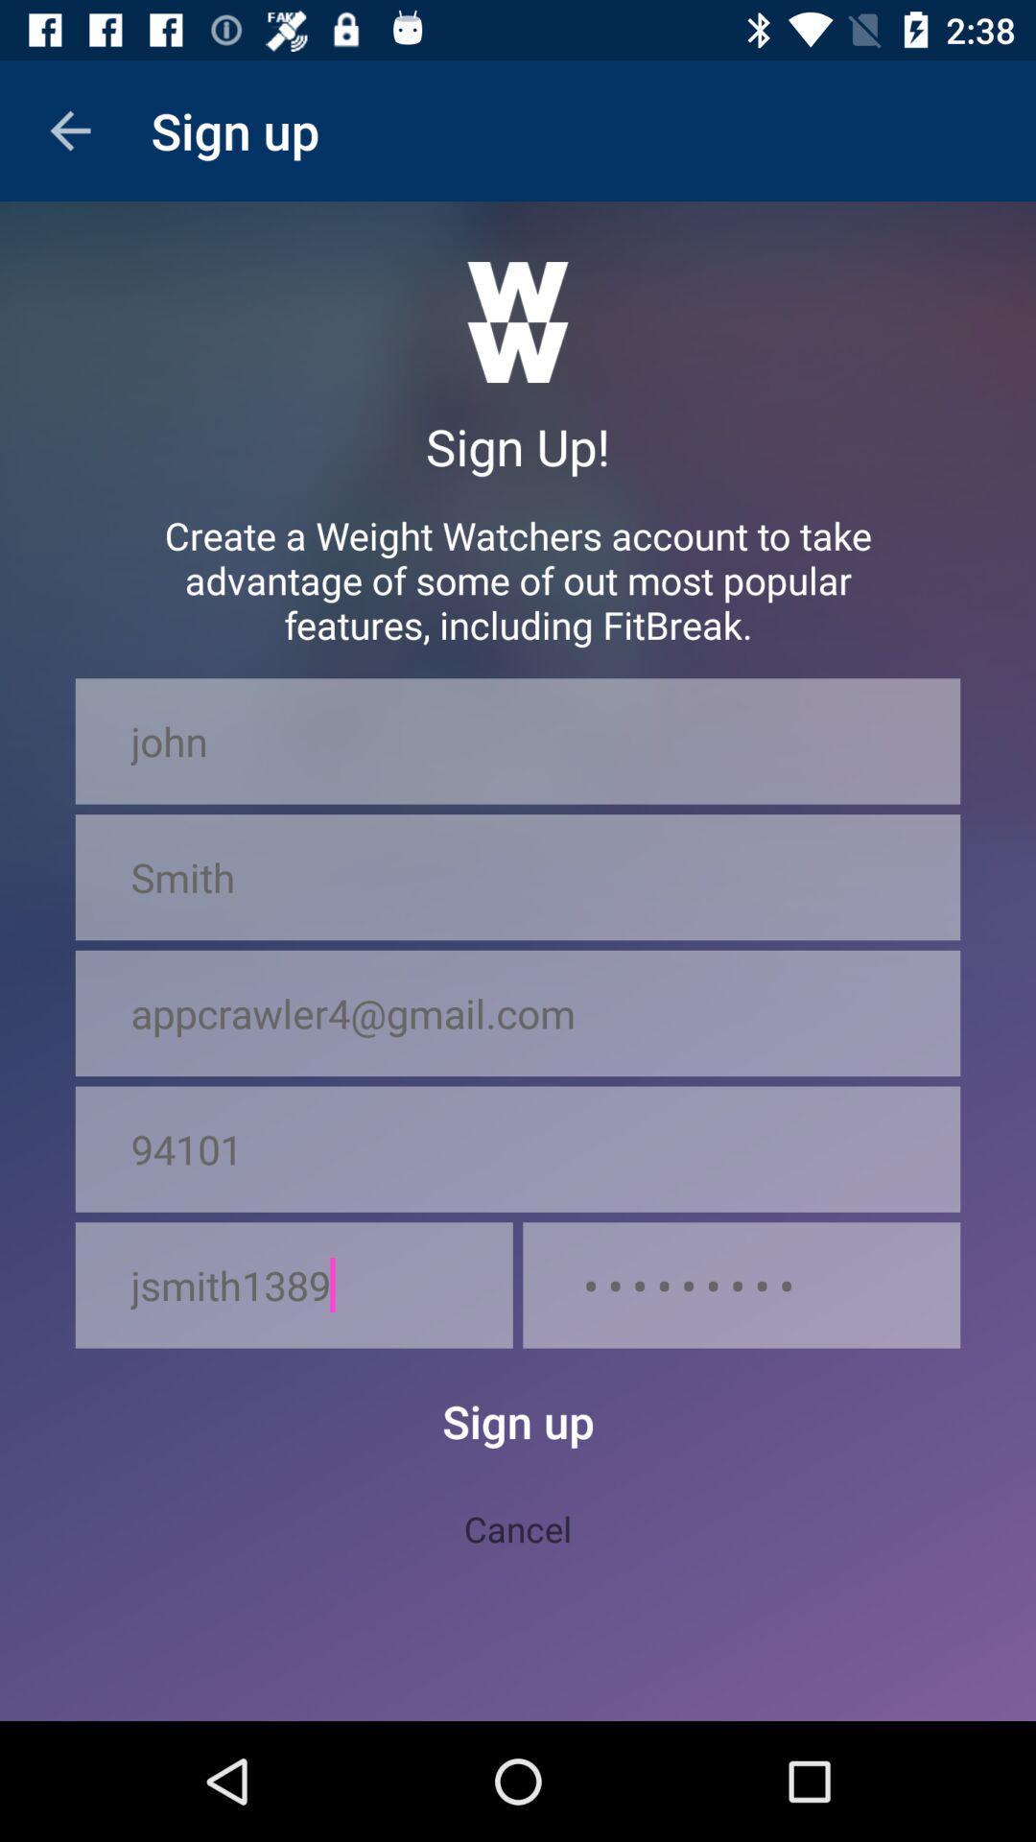  What do you see at coordinates (518, 876) in the screenshot?
I see `smith icon` at bounding box center [518, 876].